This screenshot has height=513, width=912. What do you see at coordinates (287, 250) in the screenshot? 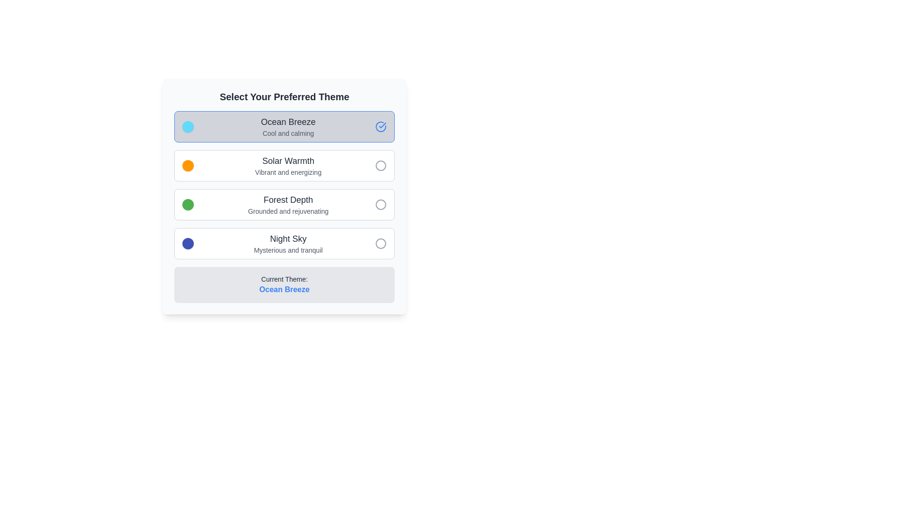
I see `the text label containing 'Mysterious and tranquil', which is styled in a smaller grayish font and located directly below 'Night Sky' in the theme selection dialog` at bounding box center [287, 250].